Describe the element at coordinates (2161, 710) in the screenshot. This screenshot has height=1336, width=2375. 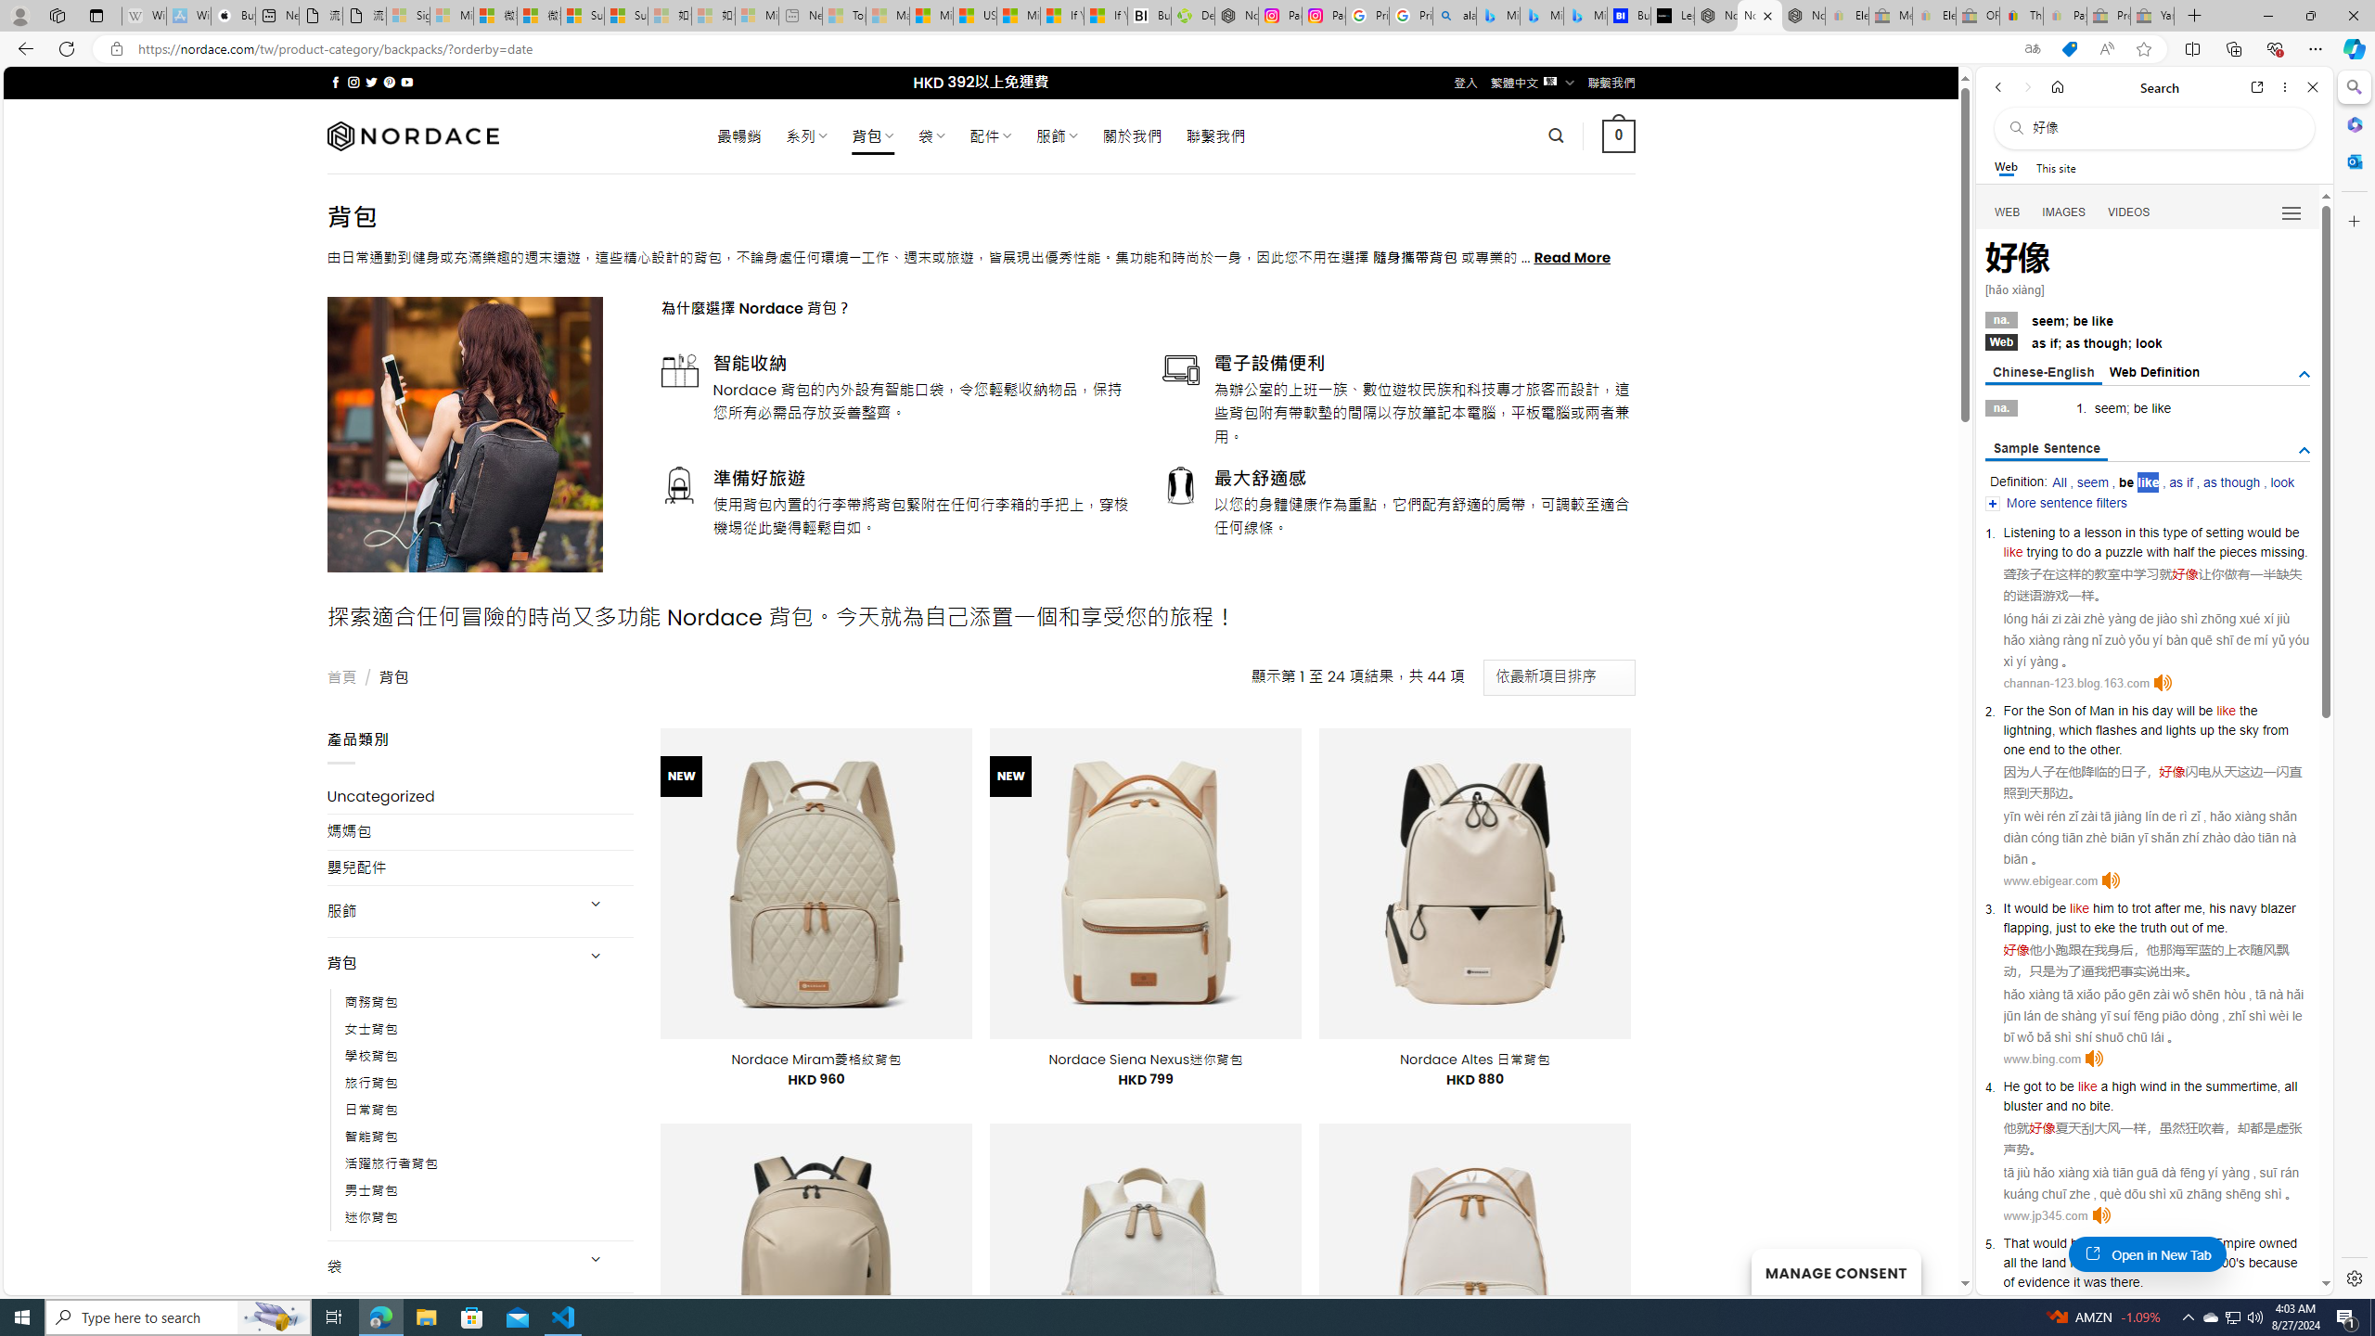
I see `'day'` at that location.